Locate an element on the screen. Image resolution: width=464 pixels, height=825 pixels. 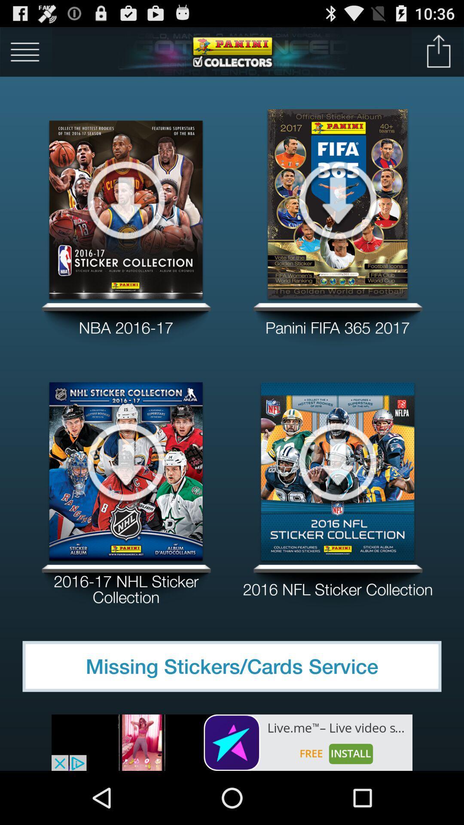
201617 nhl sticker collection is located at coordinates (126, 586).